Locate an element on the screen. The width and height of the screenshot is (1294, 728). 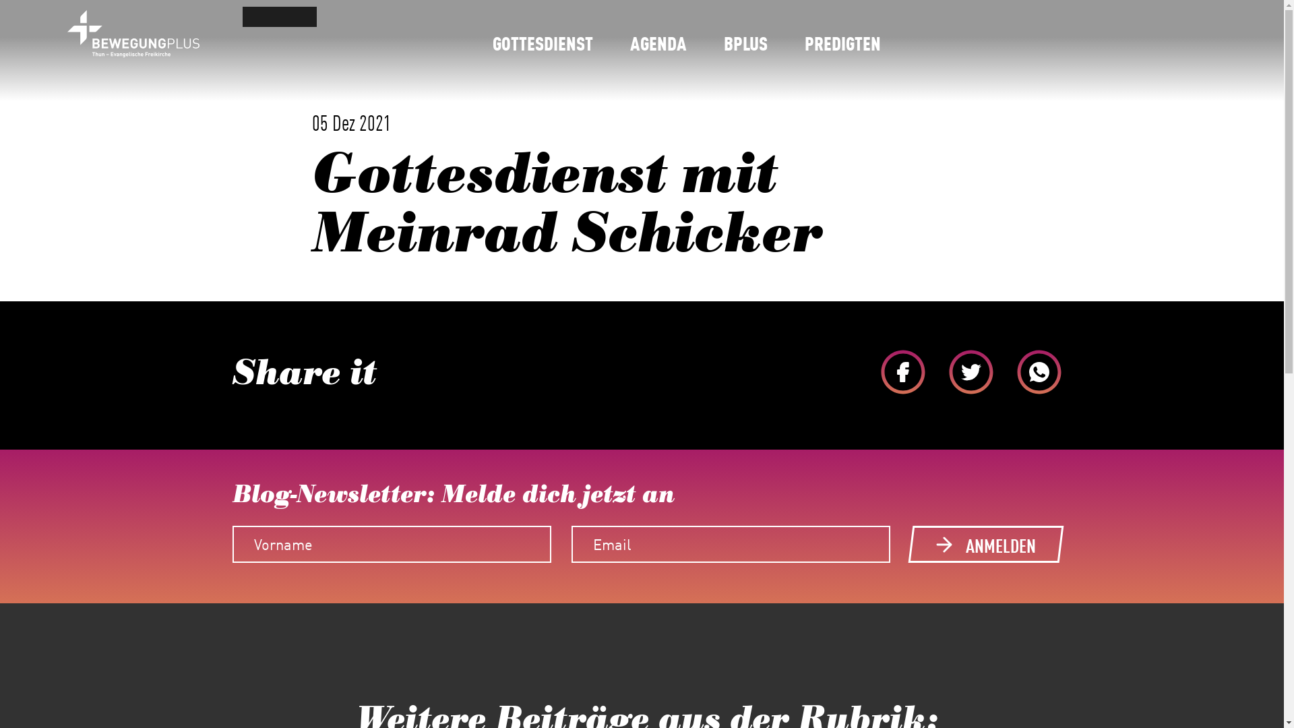
'ANMELDEN' is located at coordinates (983, 543).